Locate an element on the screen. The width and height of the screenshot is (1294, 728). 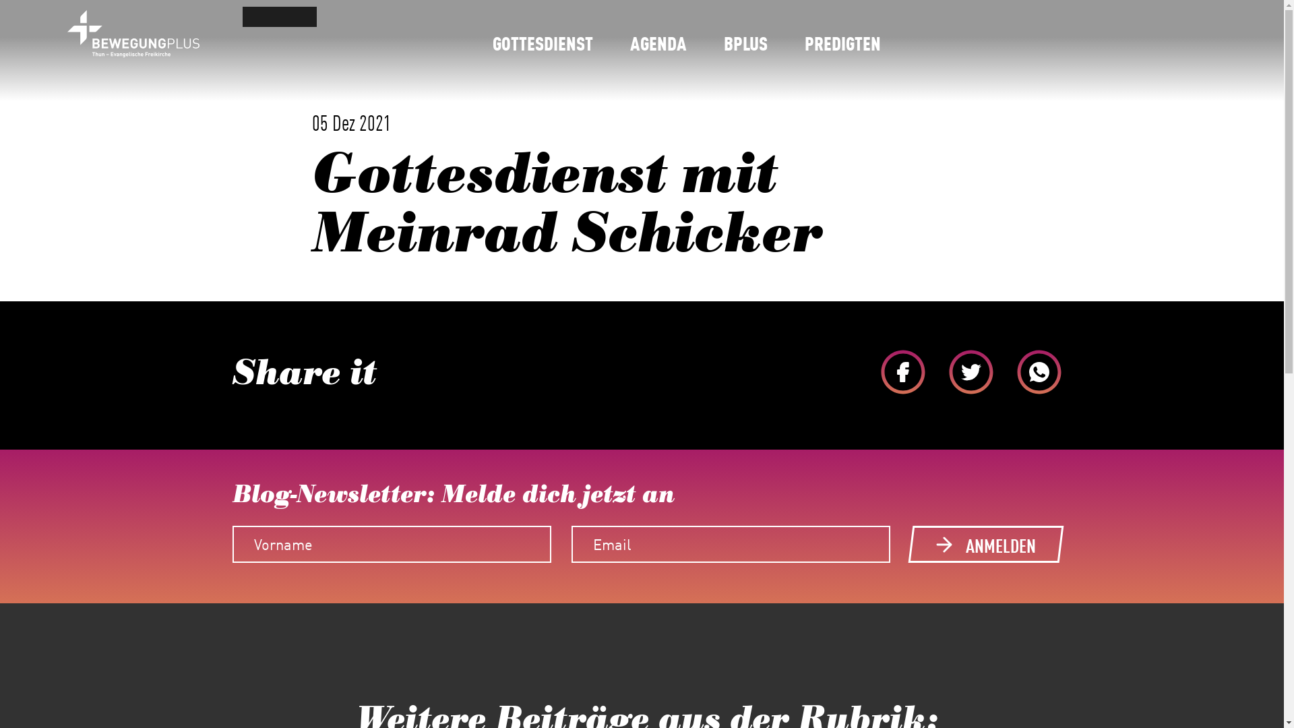
'ANMELDEN' is located at coordinates (983, 543).